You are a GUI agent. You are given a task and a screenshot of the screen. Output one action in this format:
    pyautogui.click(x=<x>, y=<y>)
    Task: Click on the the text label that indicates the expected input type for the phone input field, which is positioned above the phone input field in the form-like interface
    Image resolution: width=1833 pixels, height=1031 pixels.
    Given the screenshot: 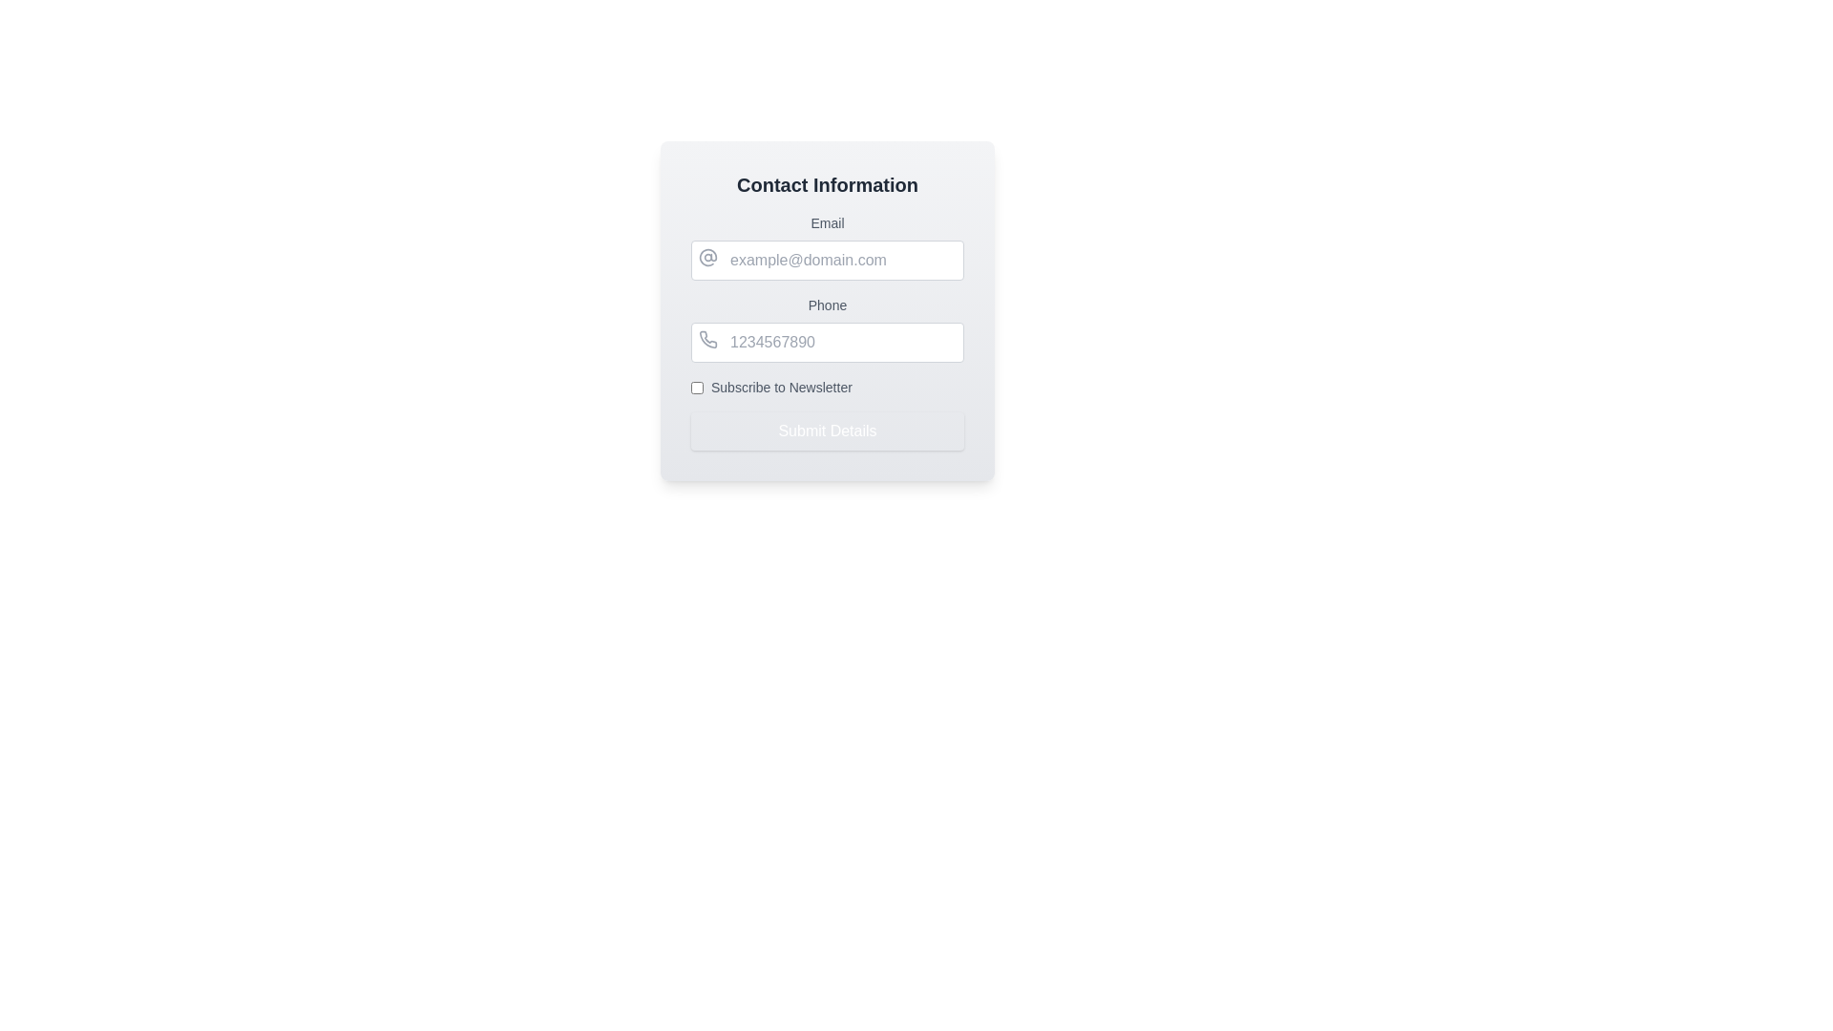 What is the action you would take?
    pyautogui.click(x=828, y=305)
    